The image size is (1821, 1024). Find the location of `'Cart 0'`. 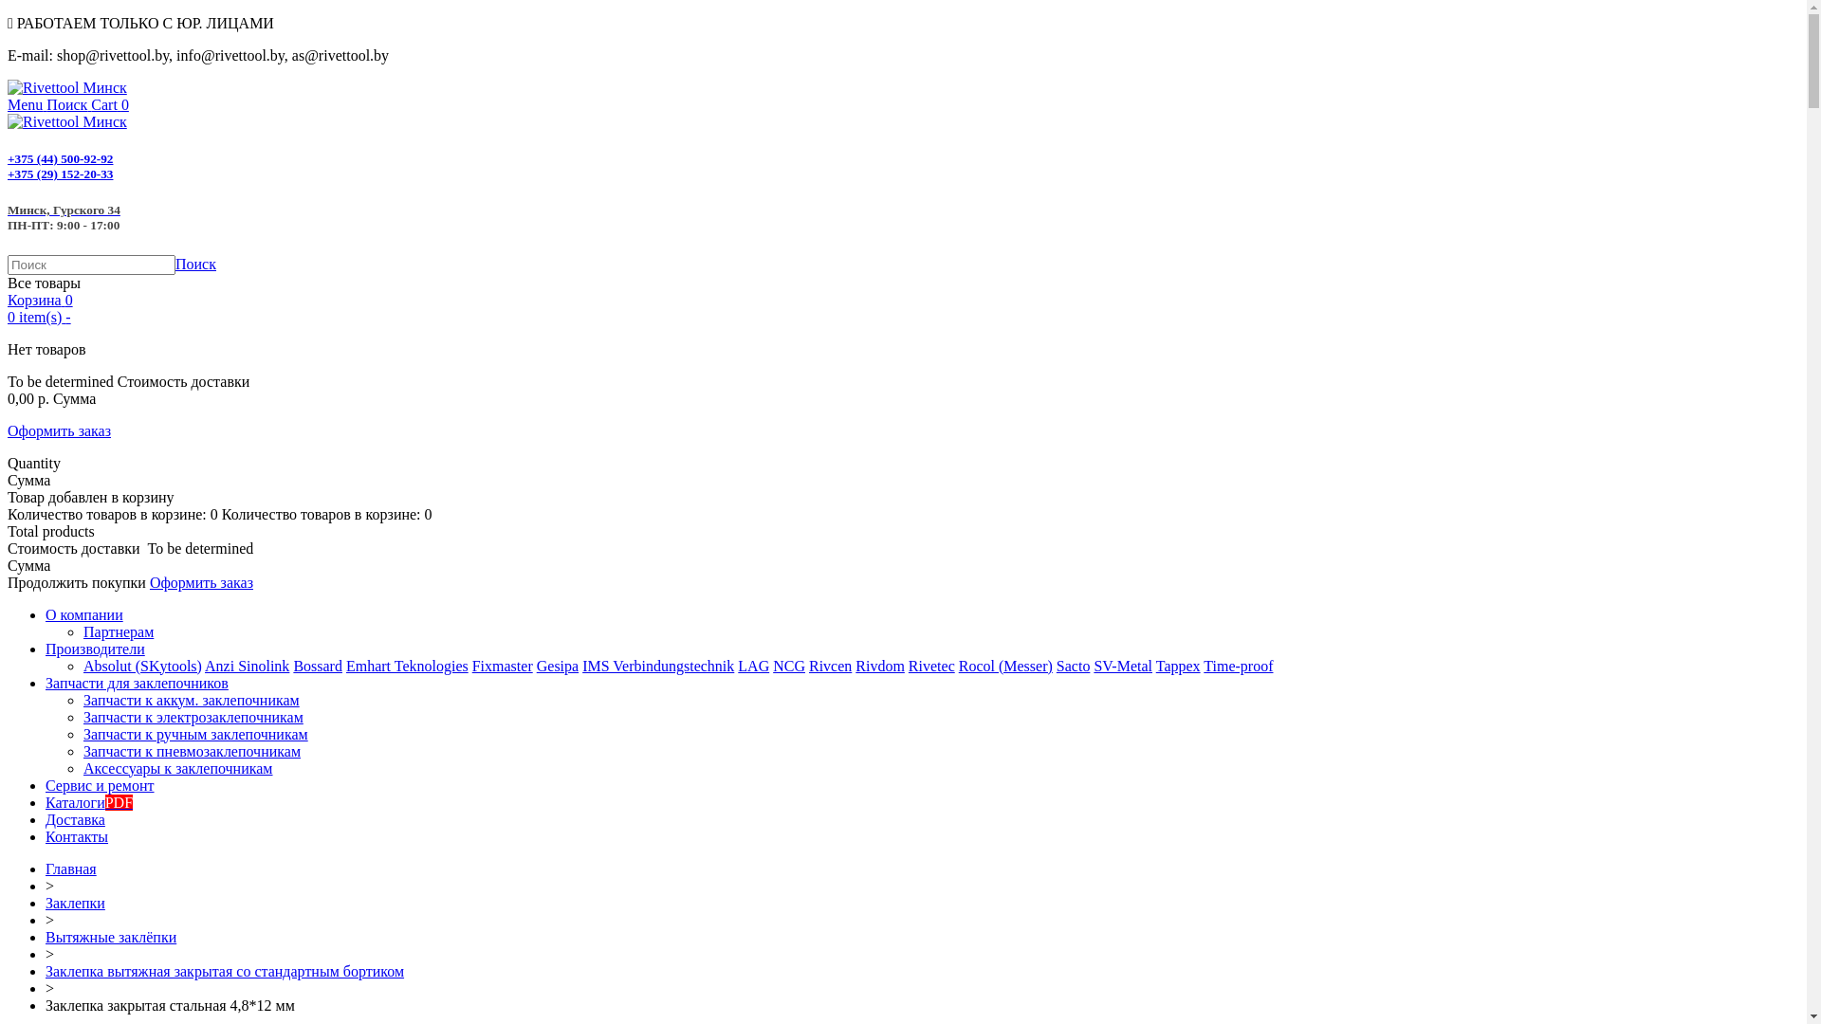

'Cart 0' is located at coordinates (108, 104).